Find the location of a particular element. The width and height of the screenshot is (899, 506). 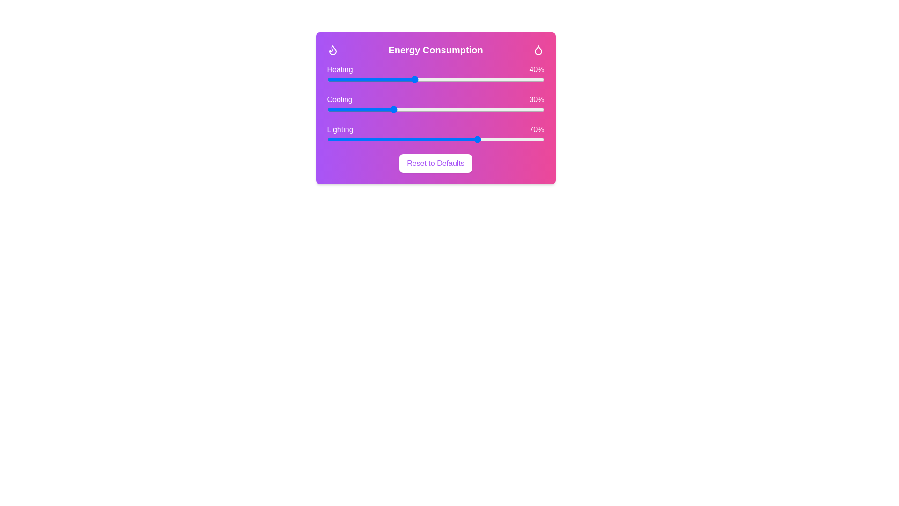

the 'Lighting' slider to set its value to 68 is located at coordinates (474, 139).